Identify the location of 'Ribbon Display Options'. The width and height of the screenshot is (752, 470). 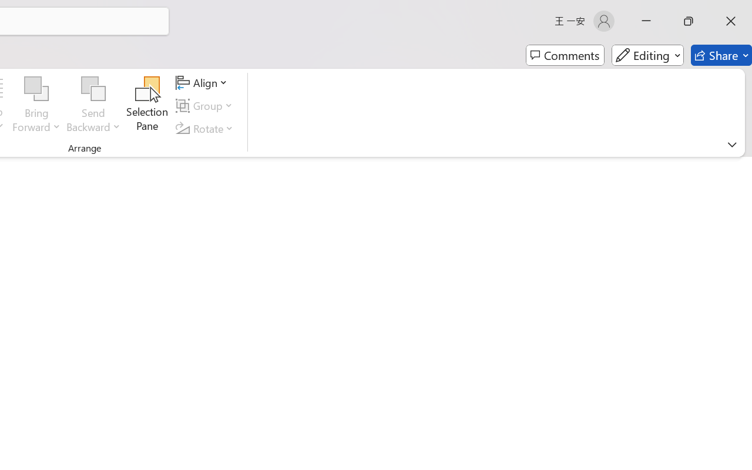
(731, 144).